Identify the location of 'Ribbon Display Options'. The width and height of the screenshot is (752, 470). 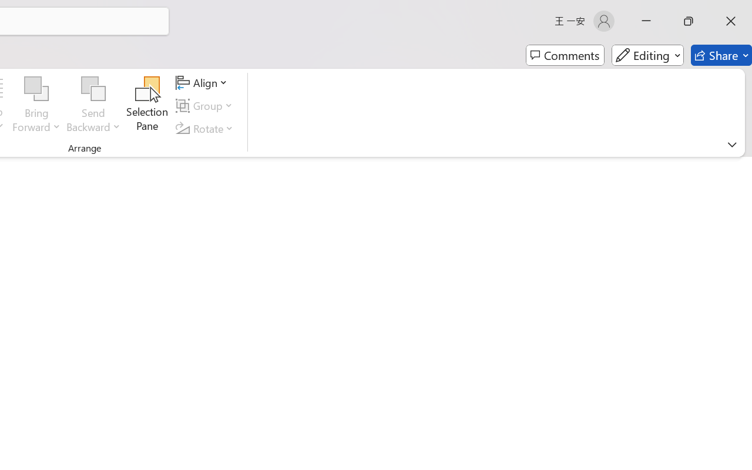
(731, 144).